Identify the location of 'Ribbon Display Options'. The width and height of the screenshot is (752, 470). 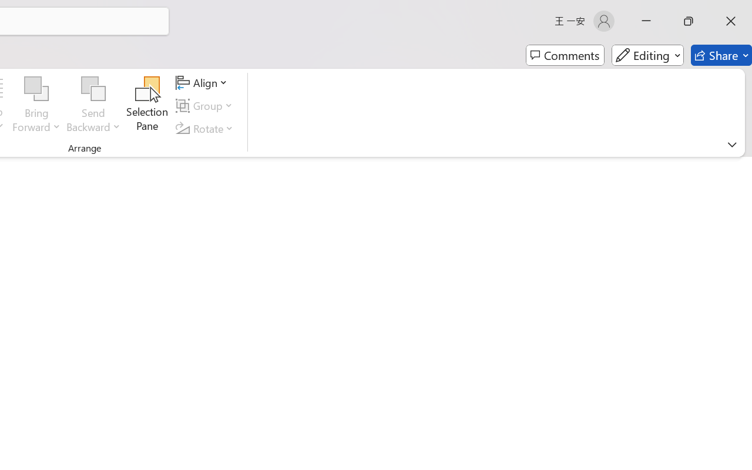
(731, 144).